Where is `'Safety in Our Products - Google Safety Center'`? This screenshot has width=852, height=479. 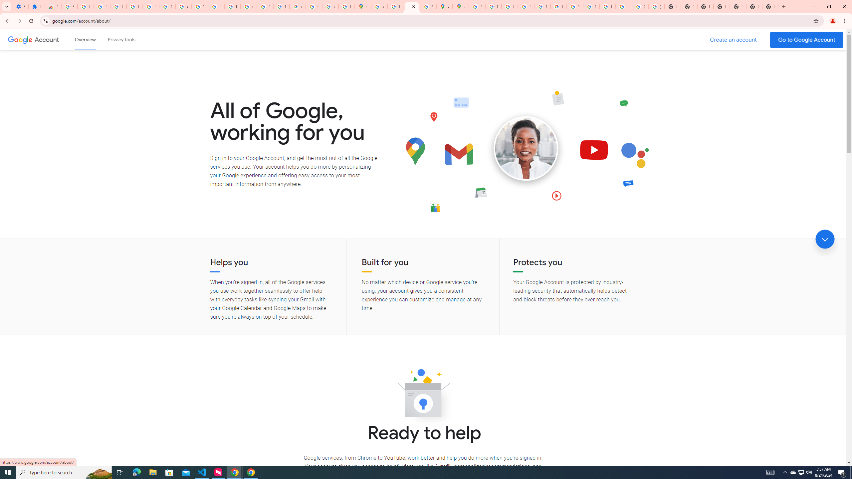
'Safety in Our Products - Google Safety Center' is located at coordinates (428, 6).